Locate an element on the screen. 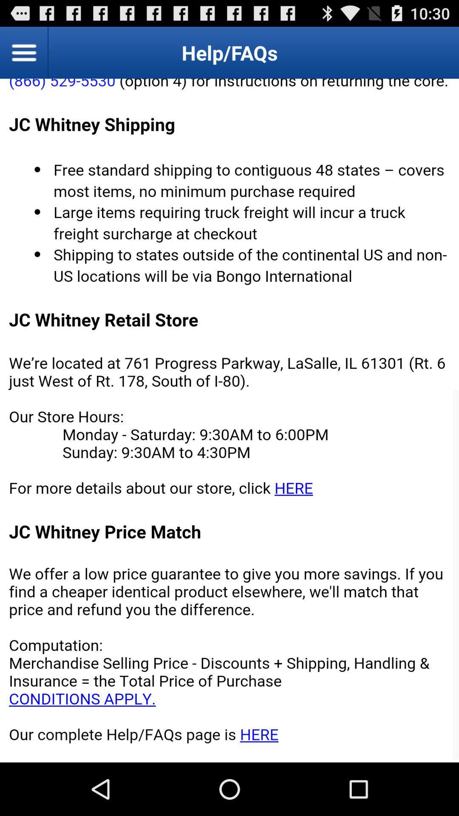 The image size is (459, 816). the menu icon is located at coordinates (24, 56).